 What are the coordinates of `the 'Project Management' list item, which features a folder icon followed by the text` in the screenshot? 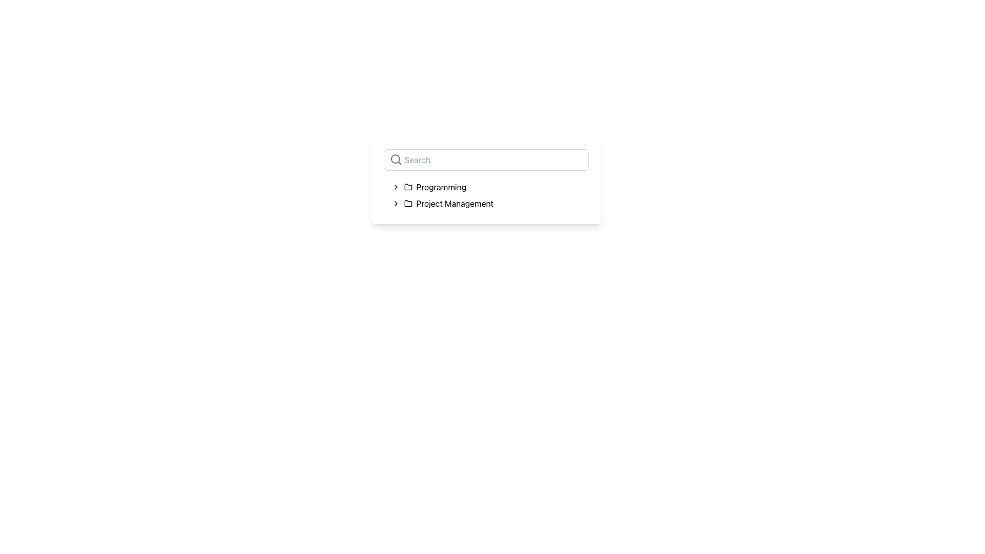 It's located at (448, 204).